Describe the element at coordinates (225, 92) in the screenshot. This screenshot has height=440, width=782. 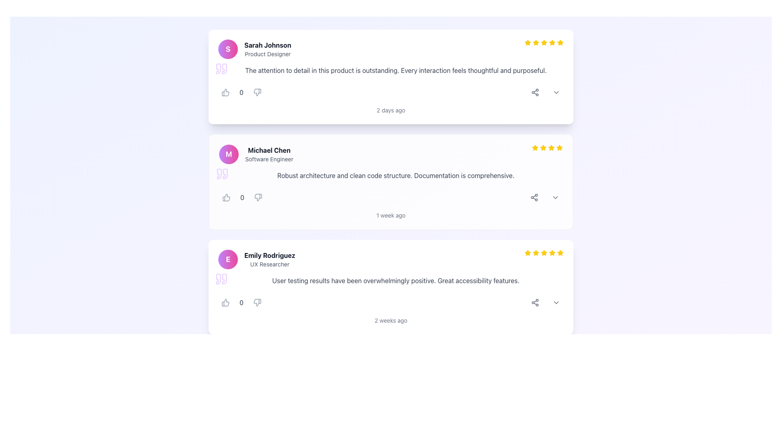
I see `the 'thumbs-up' icon, which is styled with a clean and minimalistic outline and gray color, located to the left of the text '0'` at that location.